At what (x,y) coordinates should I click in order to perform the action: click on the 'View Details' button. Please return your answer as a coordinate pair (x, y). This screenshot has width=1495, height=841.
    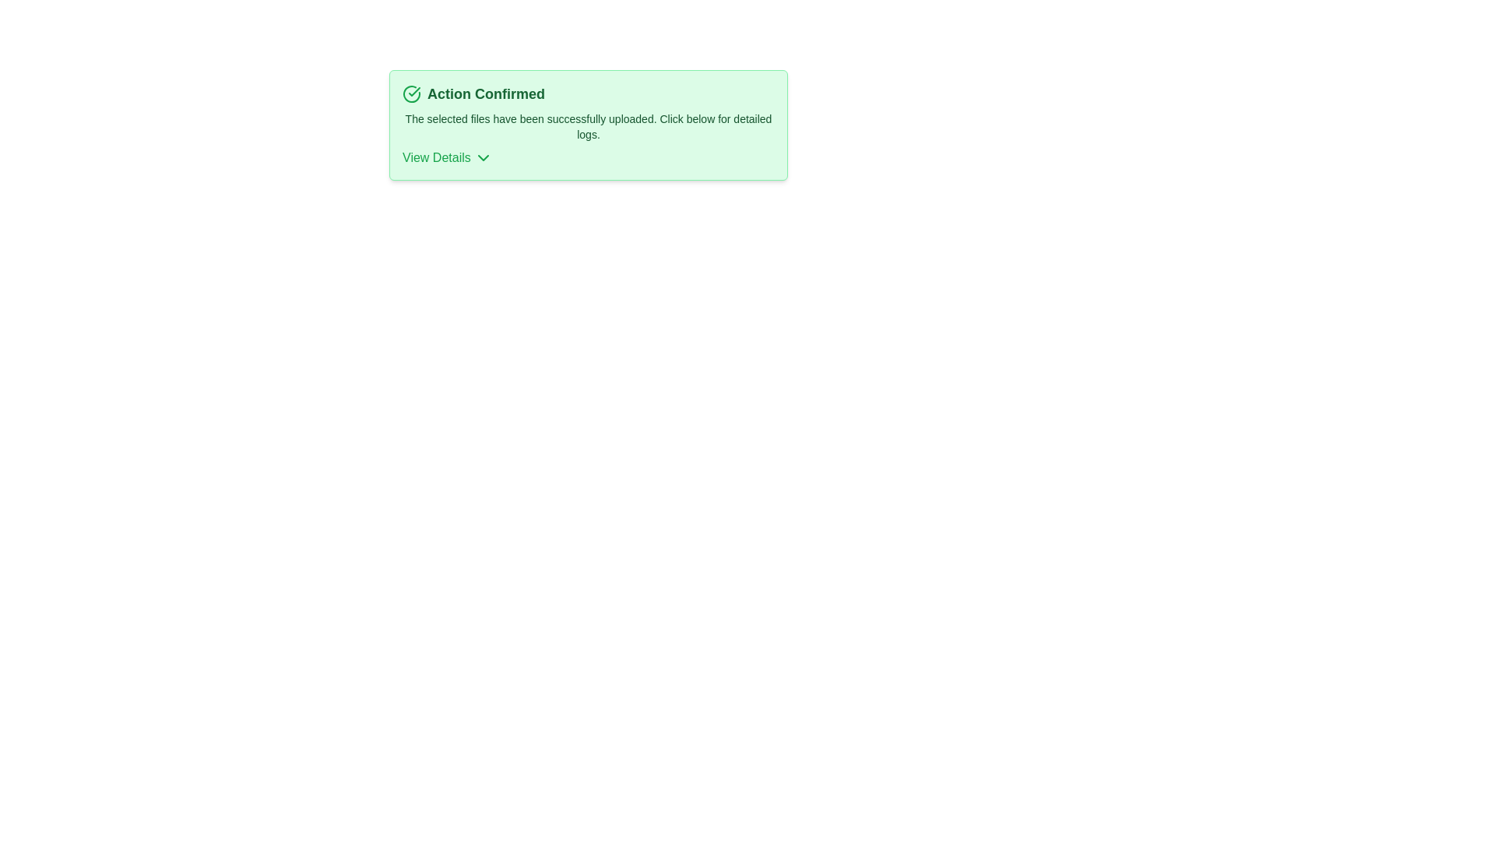
    Looking at the image, I should click on (446, 158).